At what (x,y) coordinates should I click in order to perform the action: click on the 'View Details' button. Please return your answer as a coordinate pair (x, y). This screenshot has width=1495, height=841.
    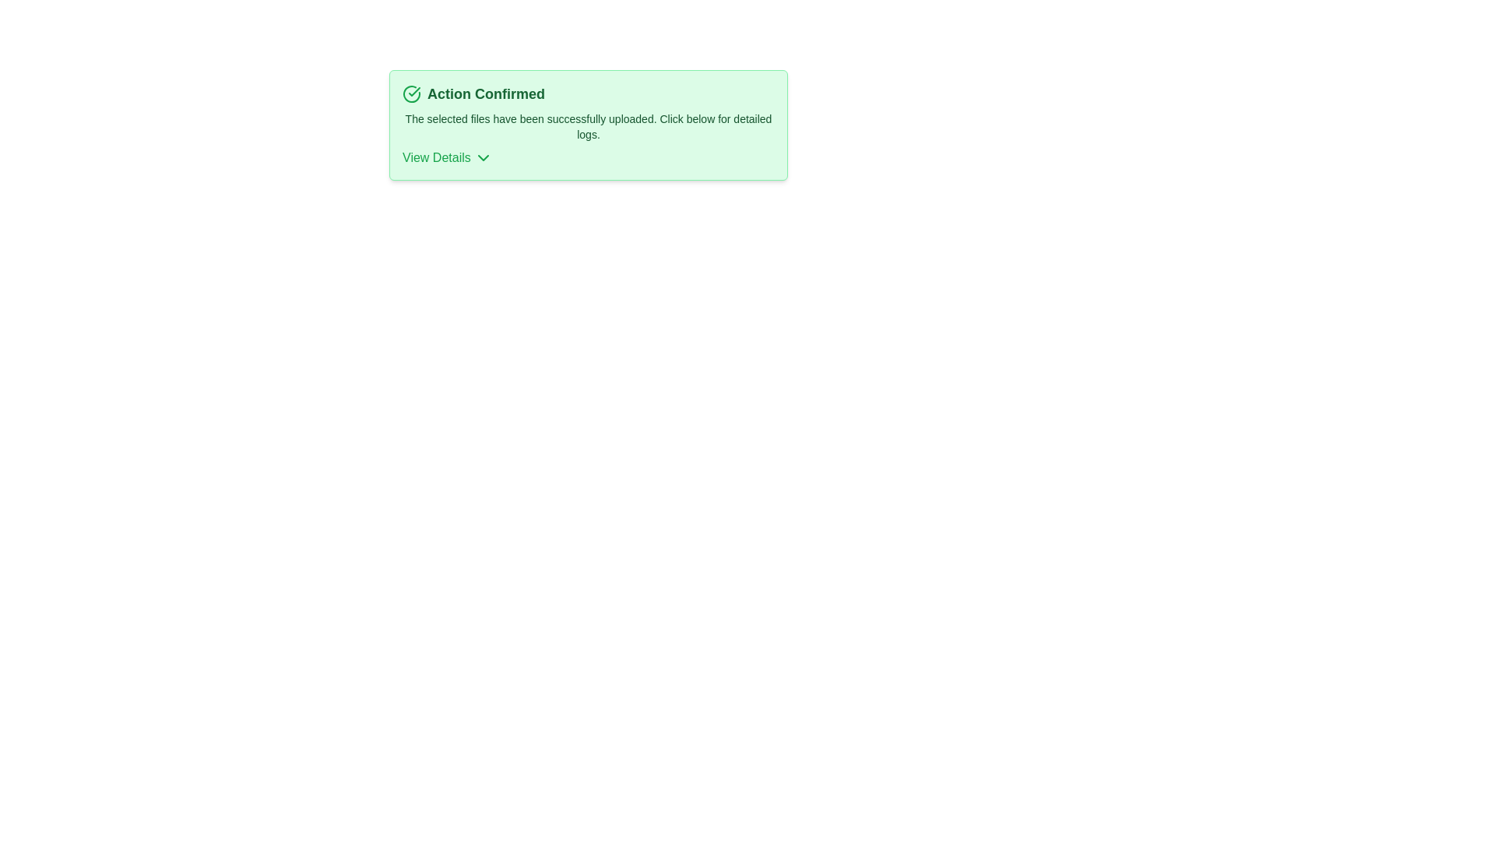
    Looking at the image, I should click on (446, 158).